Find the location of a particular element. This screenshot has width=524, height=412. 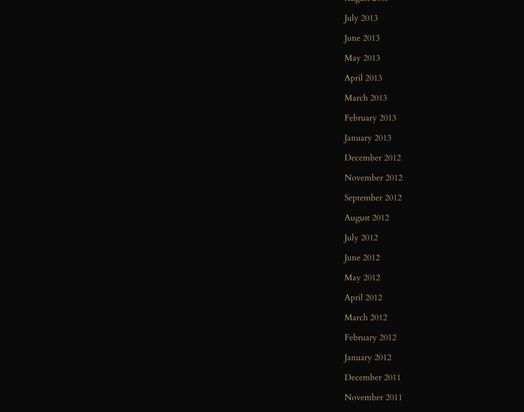

'January 2012' is located at coordinates (367, 357).